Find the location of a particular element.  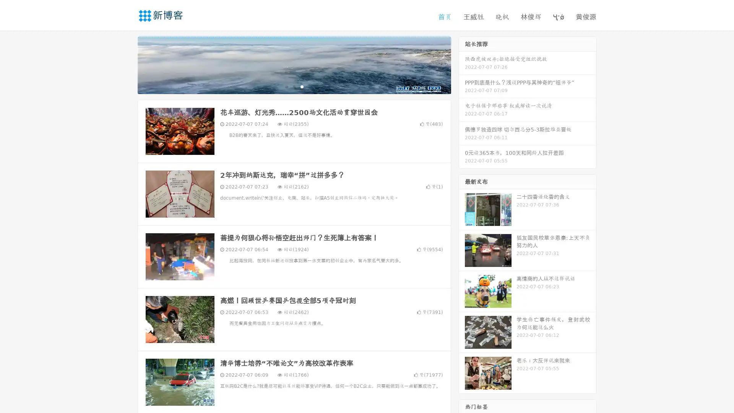

Go to slide 1 is located at coordinates (286, 86).